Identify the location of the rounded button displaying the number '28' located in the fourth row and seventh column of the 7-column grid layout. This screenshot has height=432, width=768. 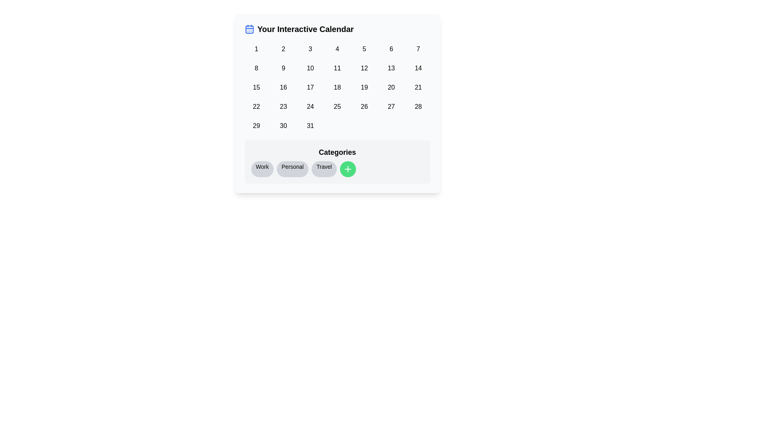
(418, 106).